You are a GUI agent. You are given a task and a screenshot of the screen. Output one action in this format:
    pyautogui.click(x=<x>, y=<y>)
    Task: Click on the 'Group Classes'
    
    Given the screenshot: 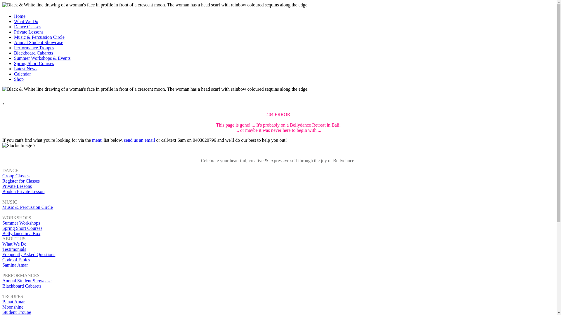 What is the action you would take?
    pyautogui.click(x=16, y=175)
    